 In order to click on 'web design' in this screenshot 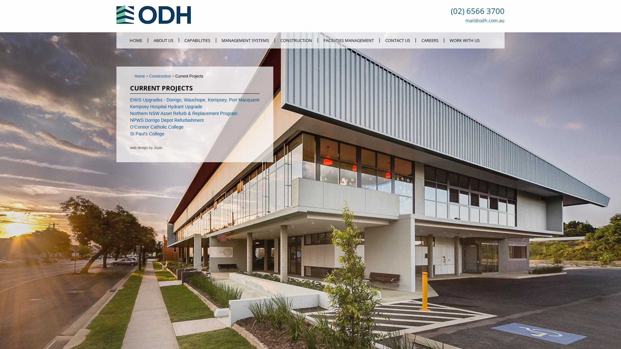, I will do `click(139, 147)`.